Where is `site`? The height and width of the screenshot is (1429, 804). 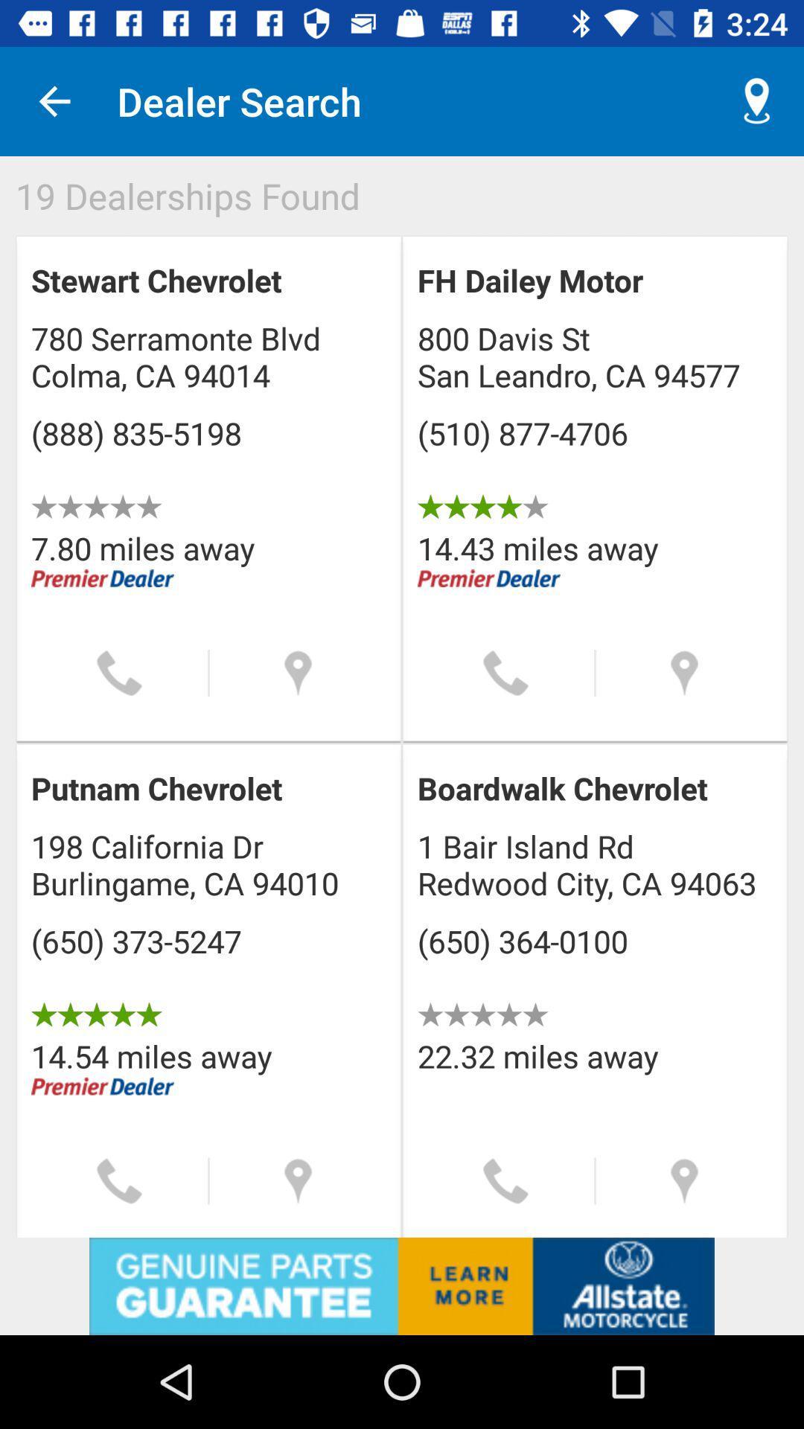
site is located at coordinates (402, 1285).